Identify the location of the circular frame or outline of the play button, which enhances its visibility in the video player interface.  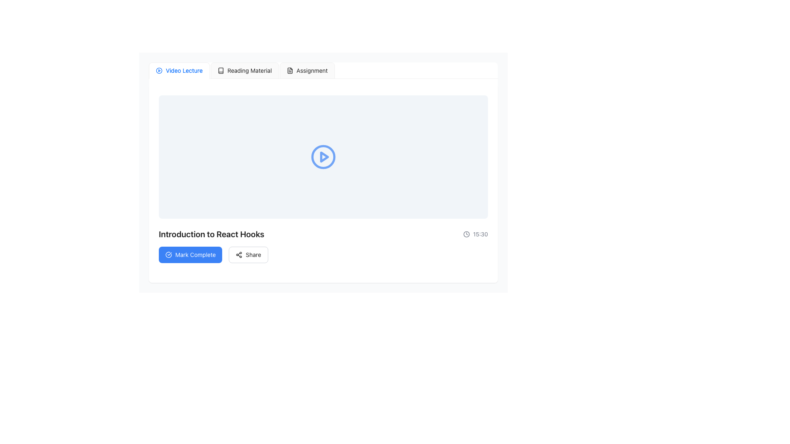
(323, 157).